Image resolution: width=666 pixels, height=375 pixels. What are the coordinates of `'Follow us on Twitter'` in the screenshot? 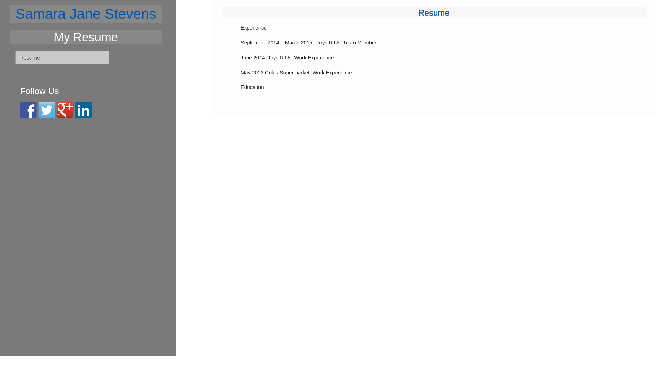 It's located at (46, 109).